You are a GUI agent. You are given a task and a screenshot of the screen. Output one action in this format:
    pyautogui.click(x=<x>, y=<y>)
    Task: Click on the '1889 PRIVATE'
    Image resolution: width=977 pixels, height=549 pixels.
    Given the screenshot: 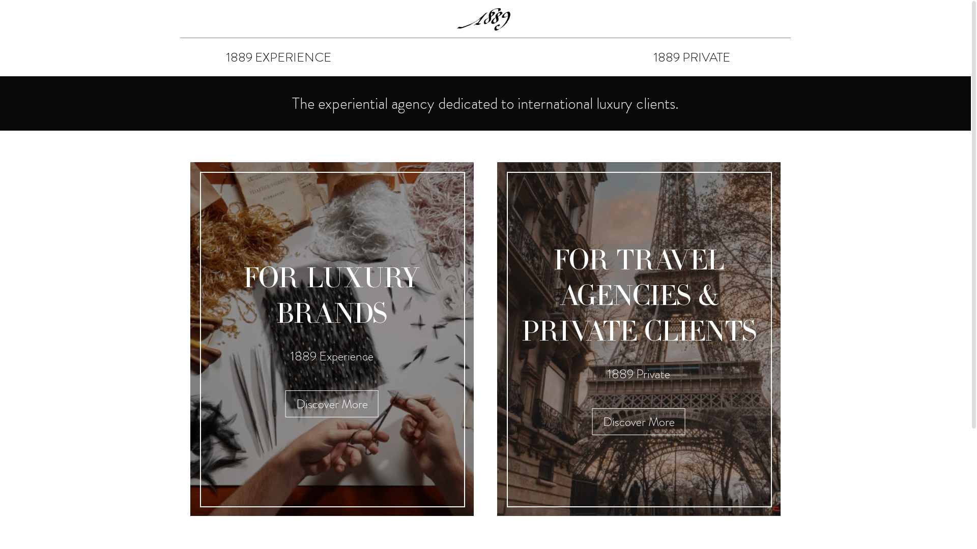 What is the action you would take?
    pyautogui.click(x=692, y=57)
    